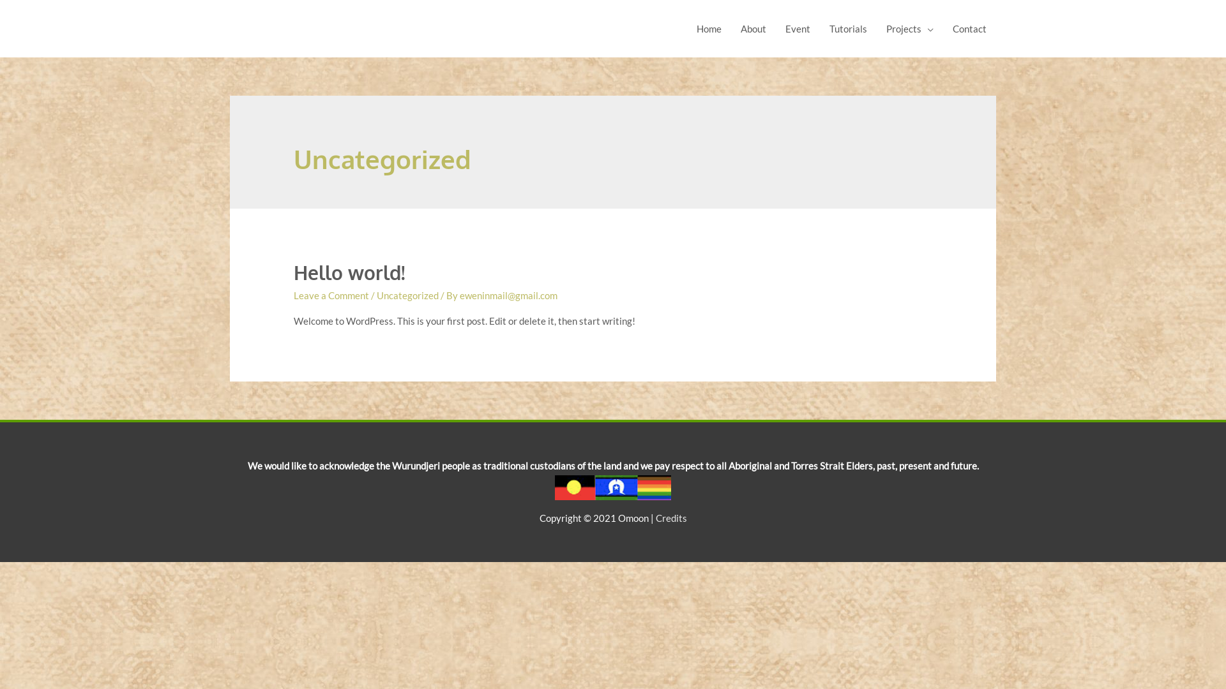 The image size is (1226, 689). Describe the element at coordinates (753, 29) in the screenshot. I see `'About'` at that location.